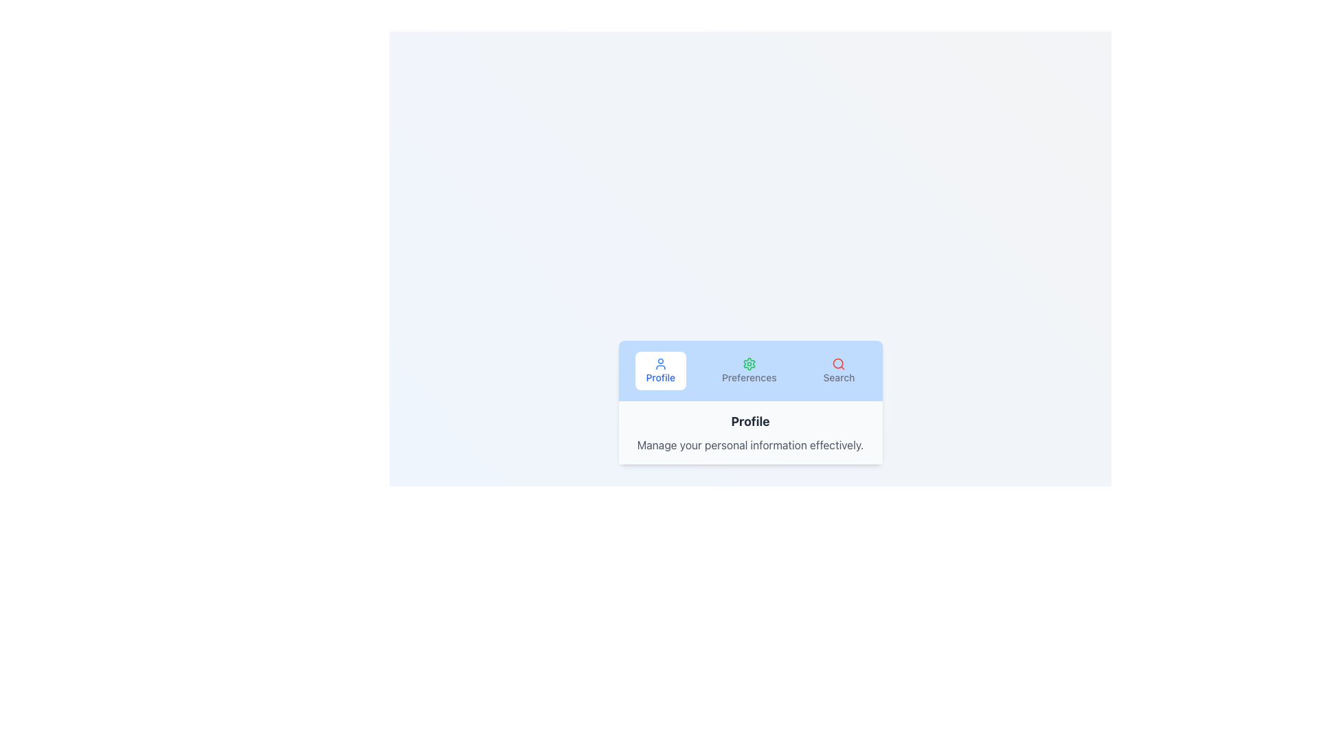 The image size is (1319, 742). What do you see at coordinates (748, 371) in the screenshot?
I see `the middle button in the horizontal layout of three buttons, which is used` at bounding box center [748, 371].